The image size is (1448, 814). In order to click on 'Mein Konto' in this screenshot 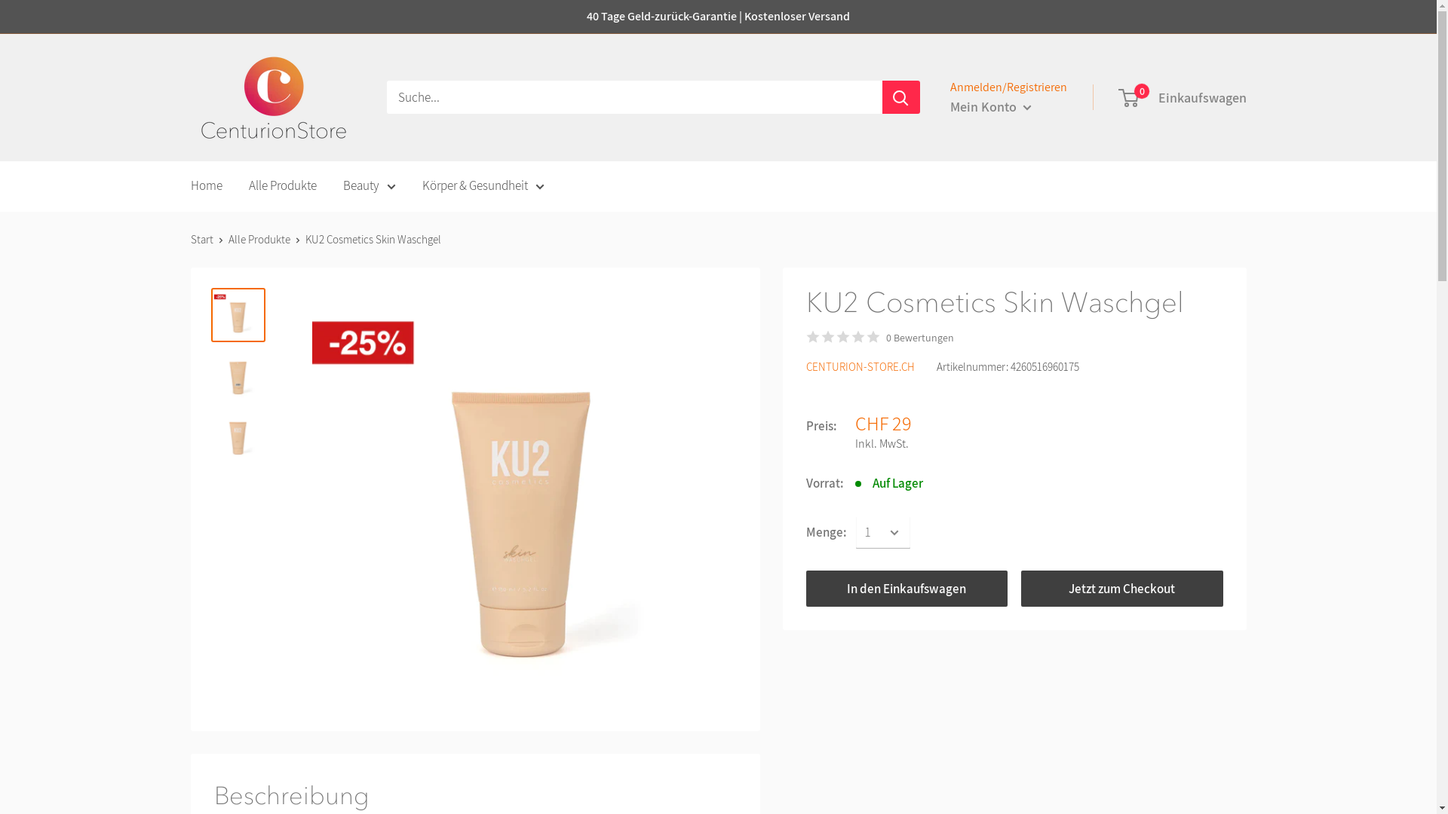, I will do `click(991, 106)`.